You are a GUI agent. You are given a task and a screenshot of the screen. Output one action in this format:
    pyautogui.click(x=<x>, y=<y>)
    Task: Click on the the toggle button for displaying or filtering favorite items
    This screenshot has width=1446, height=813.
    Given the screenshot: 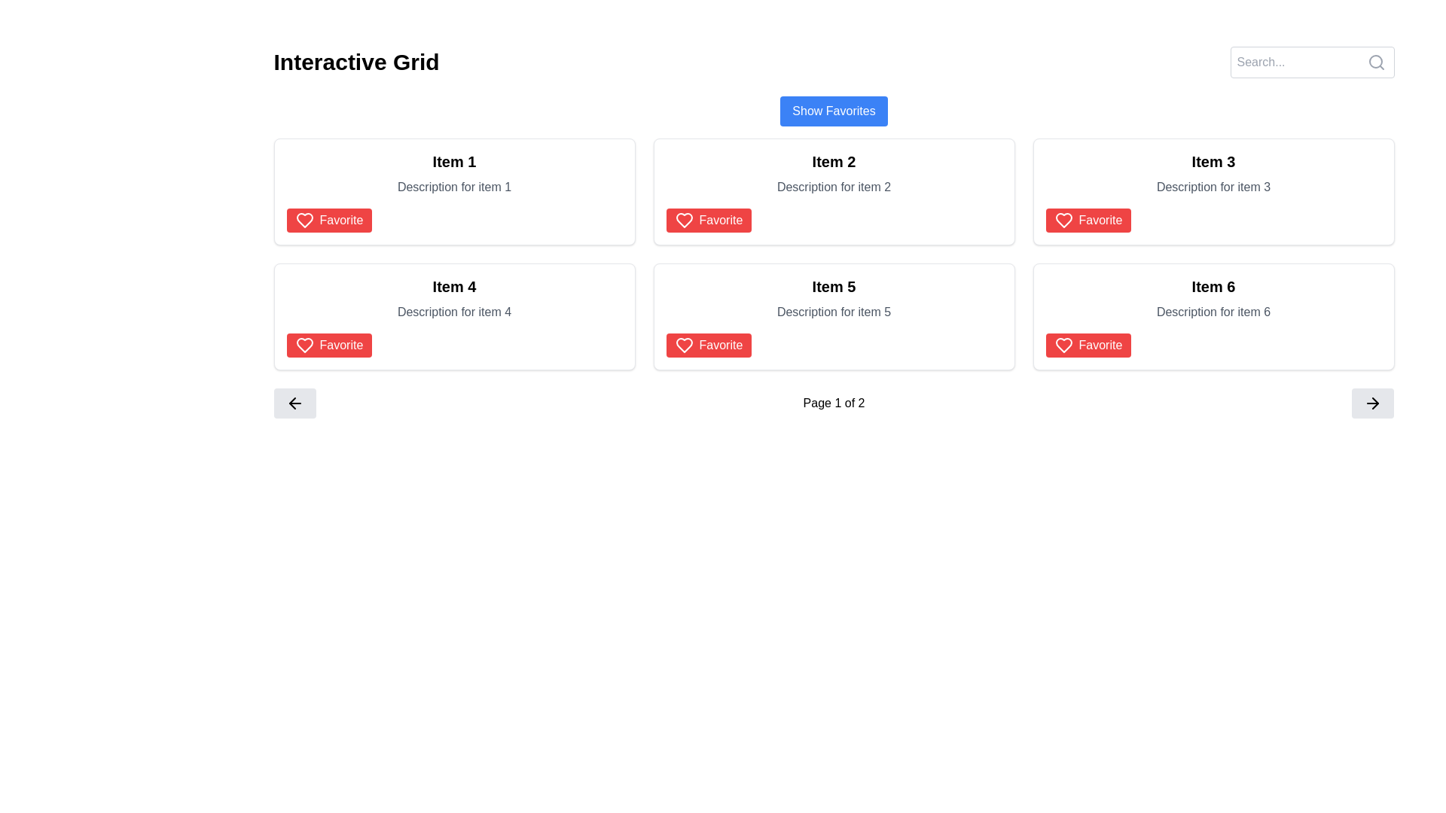 What is the action you would take?
    pyautogui.click(x=833, y=110)
    